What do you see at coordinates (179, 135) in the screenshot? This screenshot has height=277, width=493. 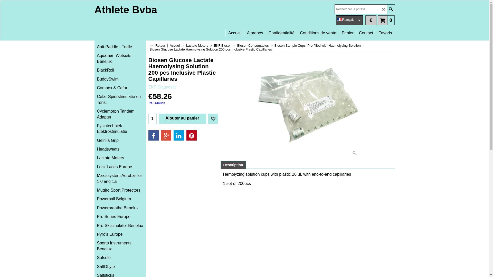 I see `'LinkedIn'` at bounding box center [179, 135].